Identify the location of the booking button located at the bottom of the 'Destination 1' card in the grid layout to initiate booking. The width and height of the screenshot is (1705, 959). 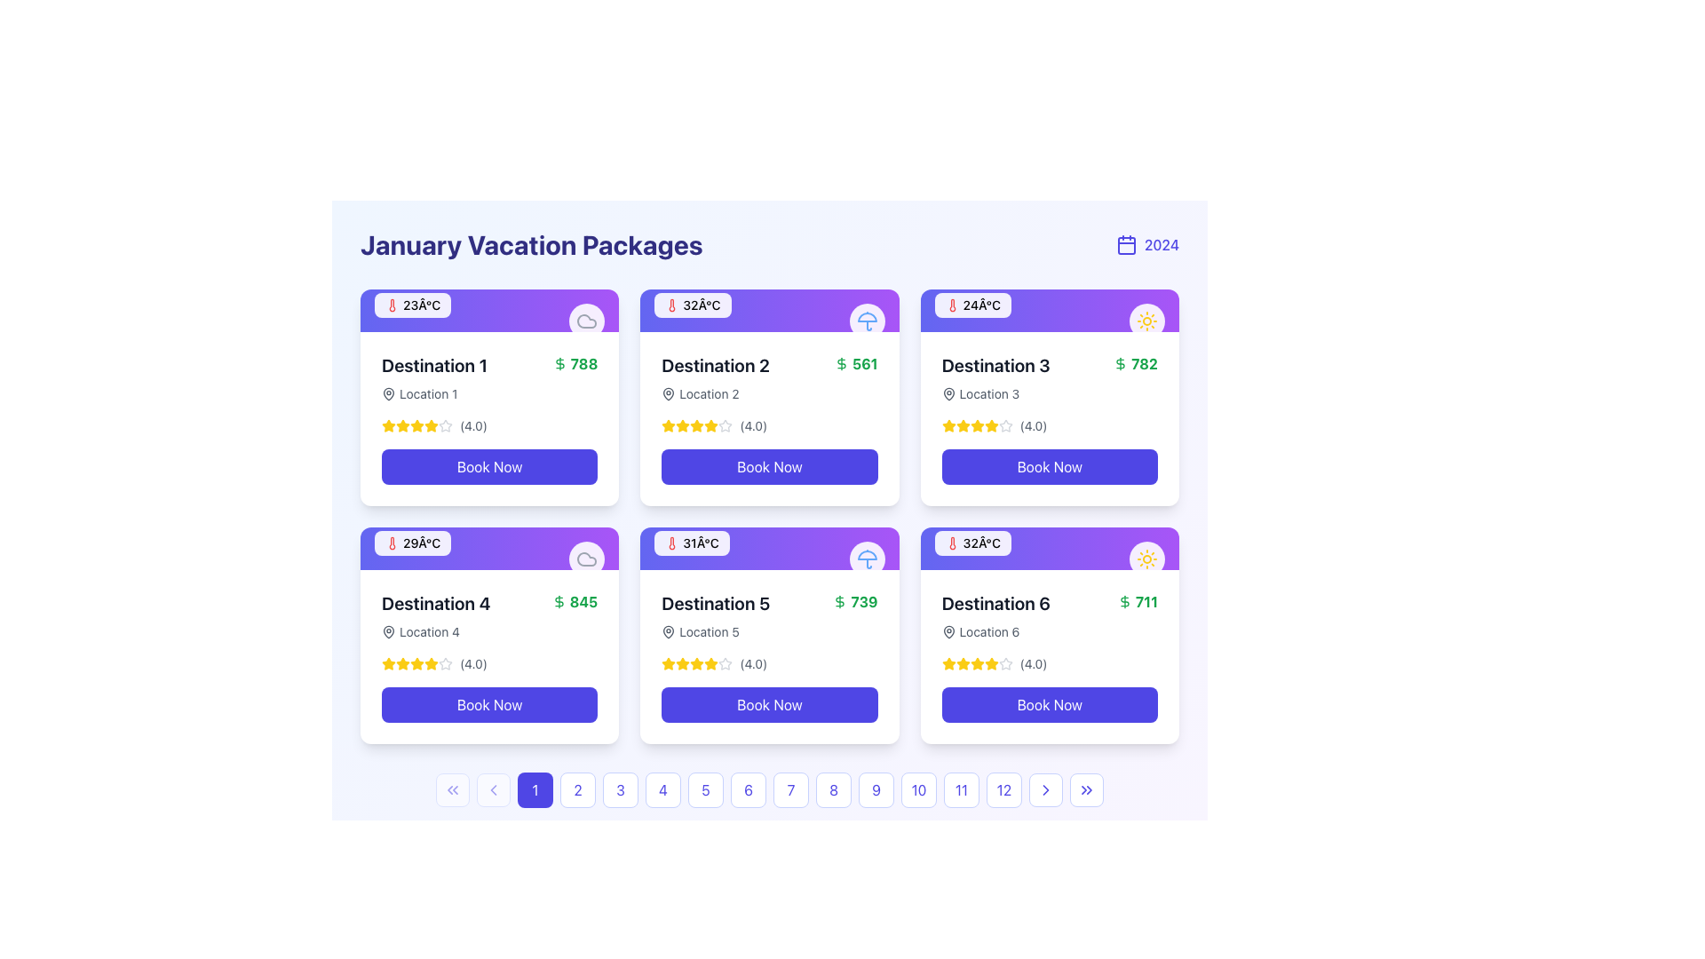
(489, 465).